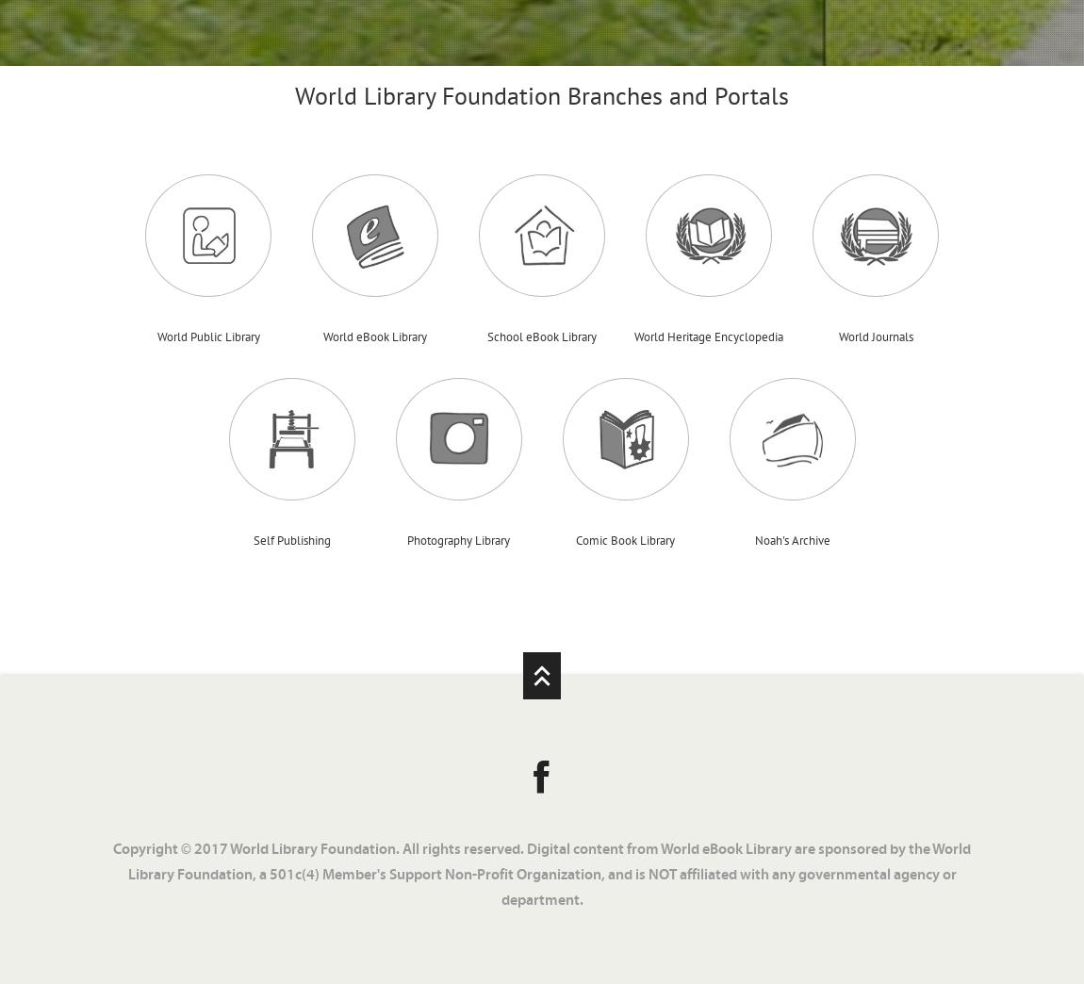  What do you see at coordinates (458, 538) in the screenshot?
I see `'Photography Library'` at bounding box center [458, 538].